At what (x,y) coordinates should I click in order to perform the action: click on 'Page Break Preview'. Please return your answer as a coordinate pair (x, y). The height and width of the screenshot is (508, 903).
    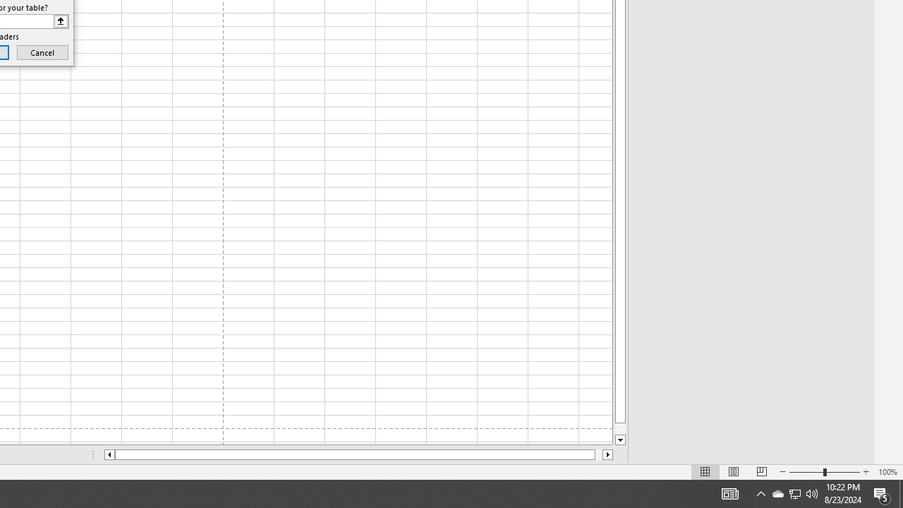
    Looking at the image, I should click on (760, 472).